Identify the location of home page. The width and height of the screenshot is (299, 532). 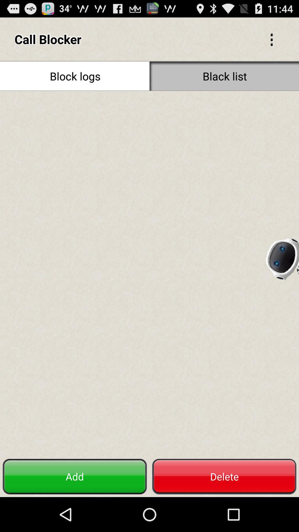
(149, 273).